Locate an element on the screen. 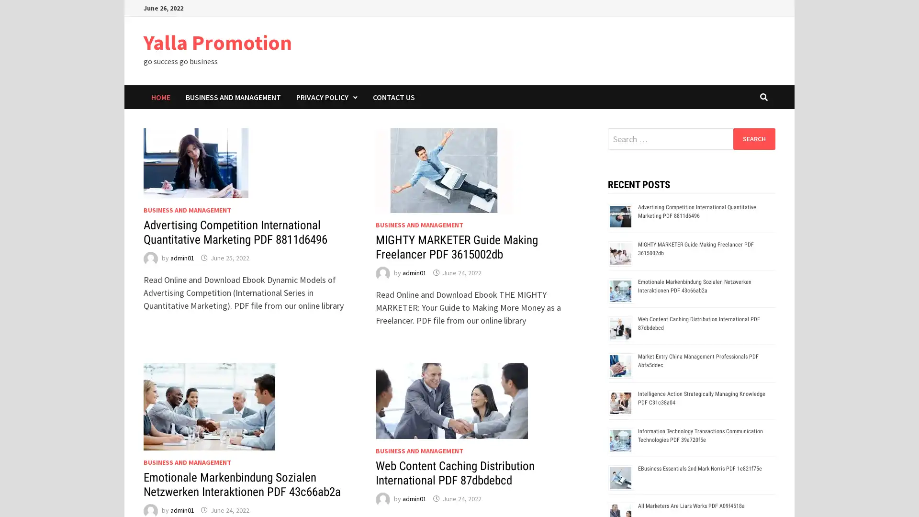 This screenshot has height=517, width=919. Search is located at coordinates (753, 138).